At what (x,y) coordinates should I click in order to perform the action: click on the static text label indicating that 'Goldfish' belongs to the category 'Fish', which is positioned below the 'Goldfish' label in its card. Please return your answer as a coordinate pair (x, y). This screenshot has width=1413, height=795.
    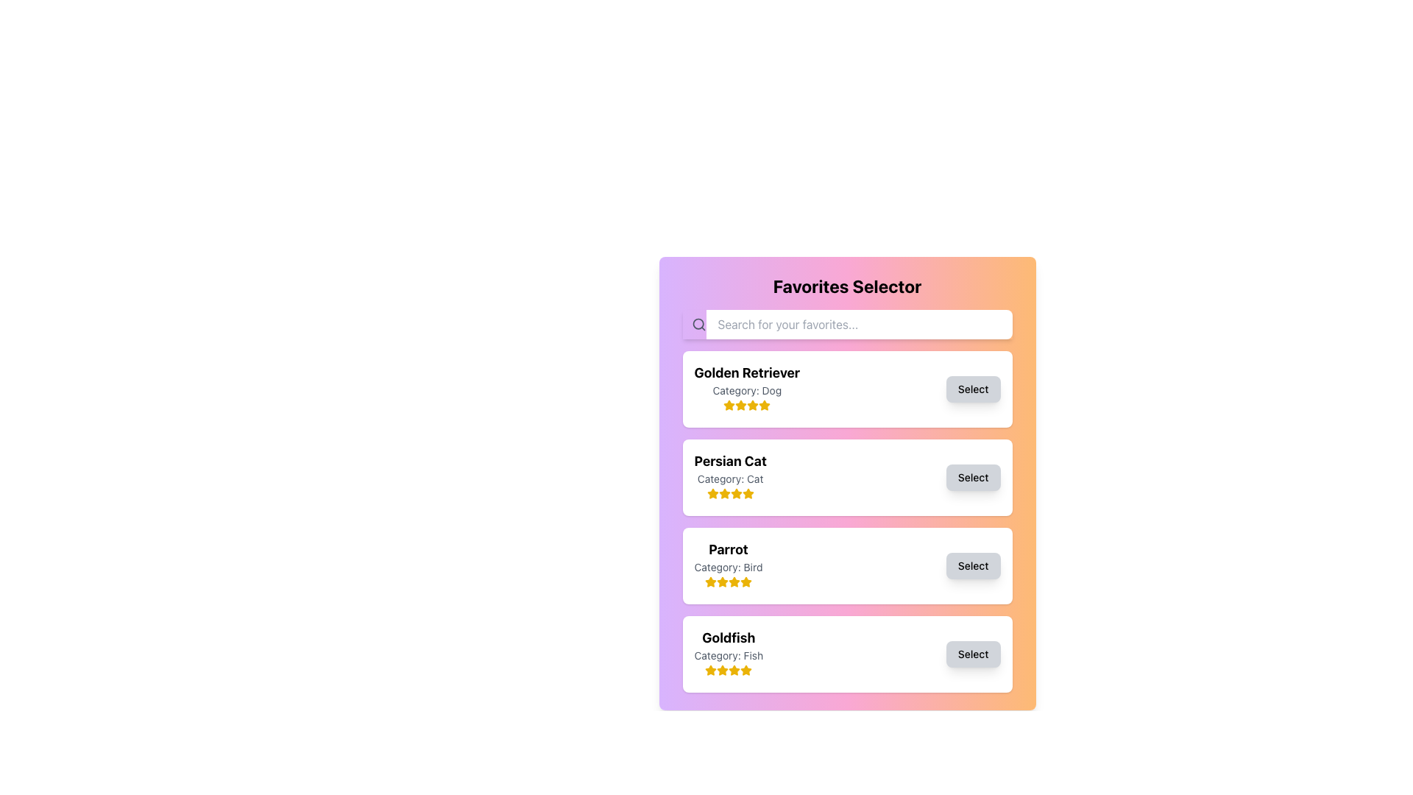
    Looking at the image, I should click on (729, 655).